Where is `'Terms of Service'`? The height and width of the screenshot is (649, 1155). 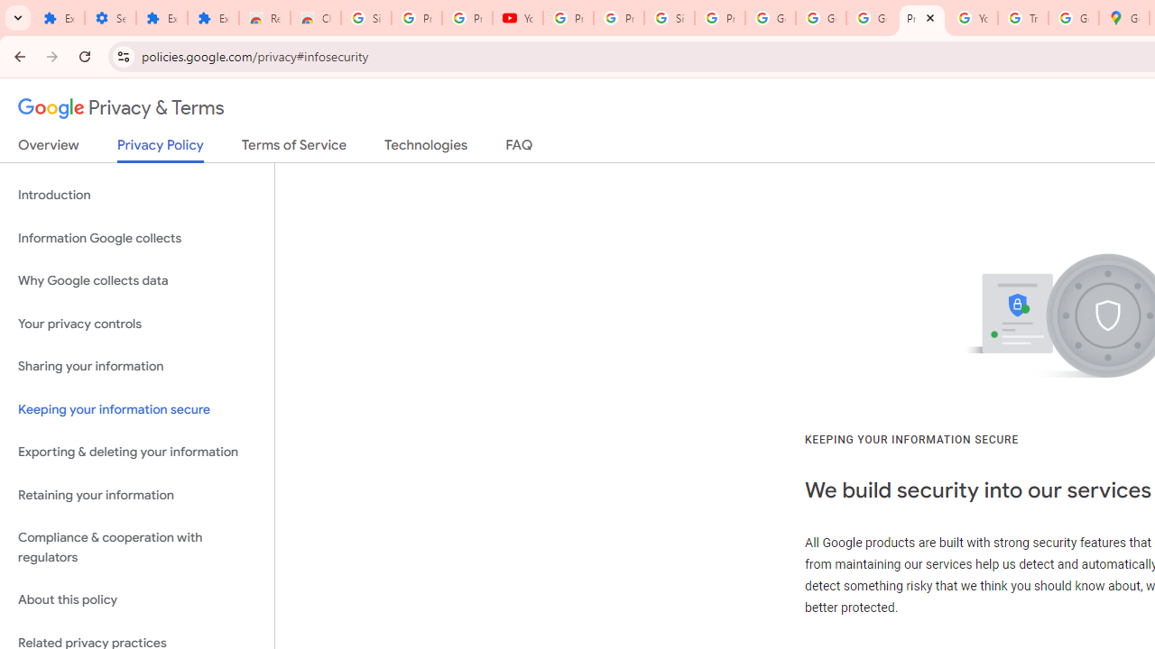 'Terms of Service' is located at coordinates (294, 148).